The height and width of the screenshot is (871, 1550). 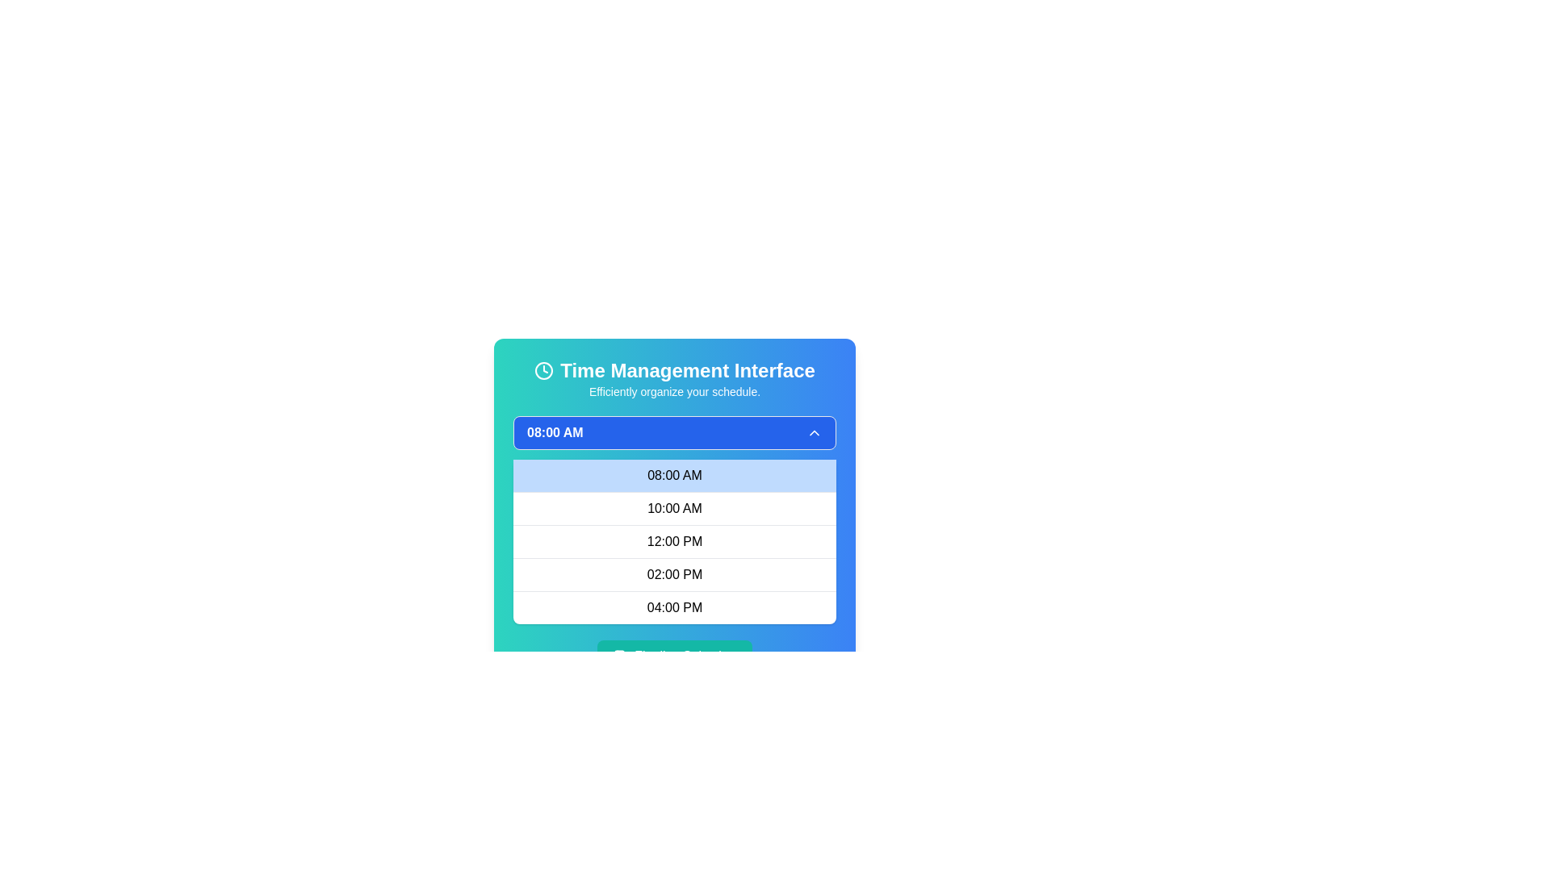 What do you see at coordinates (674, 519) in the screenshot?
I see `the '10:00 AM' option from the dropdown menu located in the 'Time Management Interface' below the header and above the 'Finalize Selection' button` at bounding box center [674, 519].